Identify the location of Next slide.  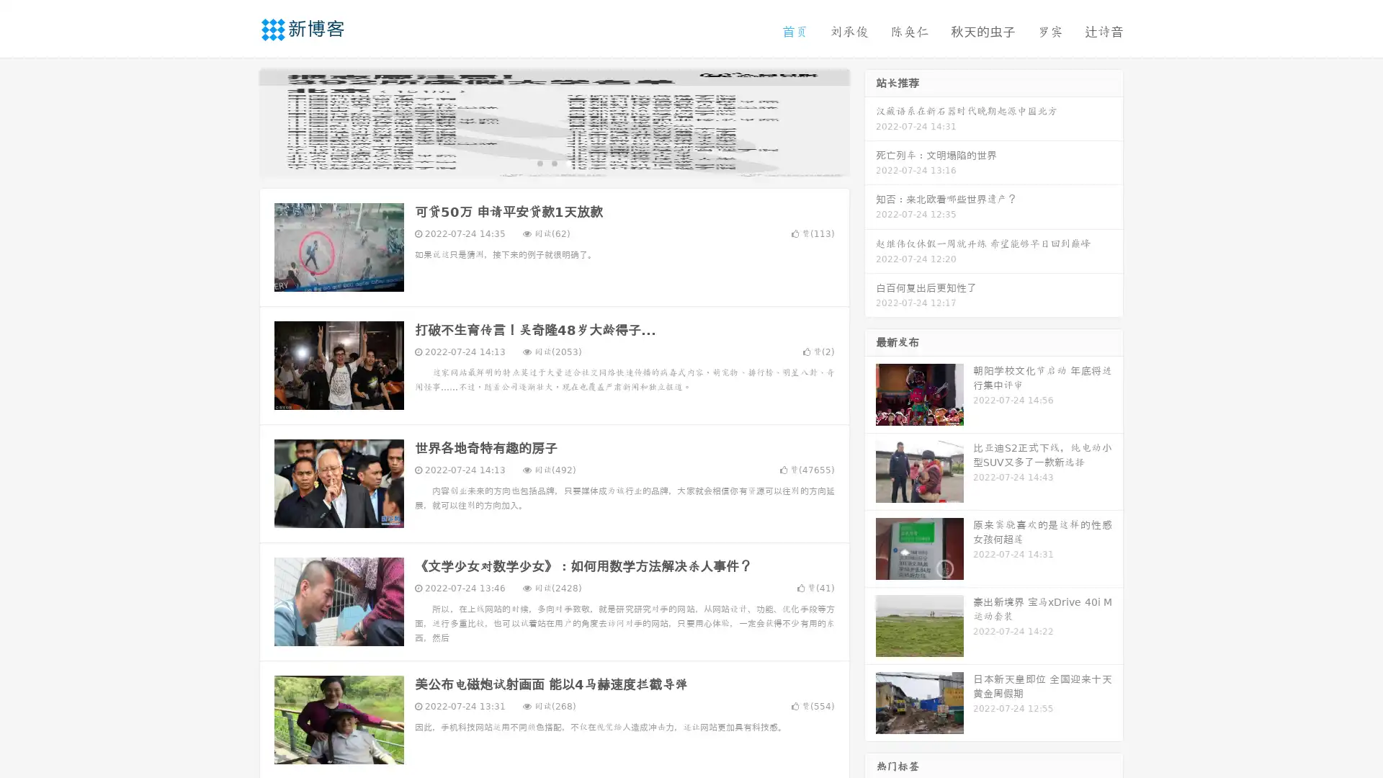
(870, 121).